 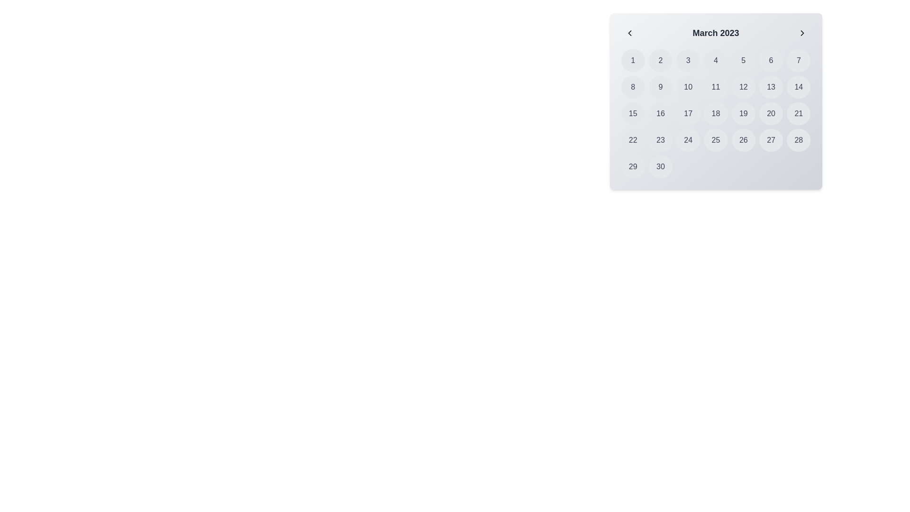 I want to click on the circular button labeled '18' with a light gray background, so click(x=716, y=113).